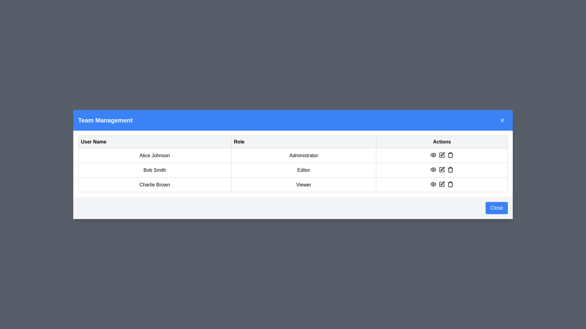 This screenshot has width=586, height=329. What do you see at coordinates (433, 155) in the screenshot?
I see `the icon representing the view or visibility action located in the first row of the 'Actions' column` at bounding box center [433, 155].